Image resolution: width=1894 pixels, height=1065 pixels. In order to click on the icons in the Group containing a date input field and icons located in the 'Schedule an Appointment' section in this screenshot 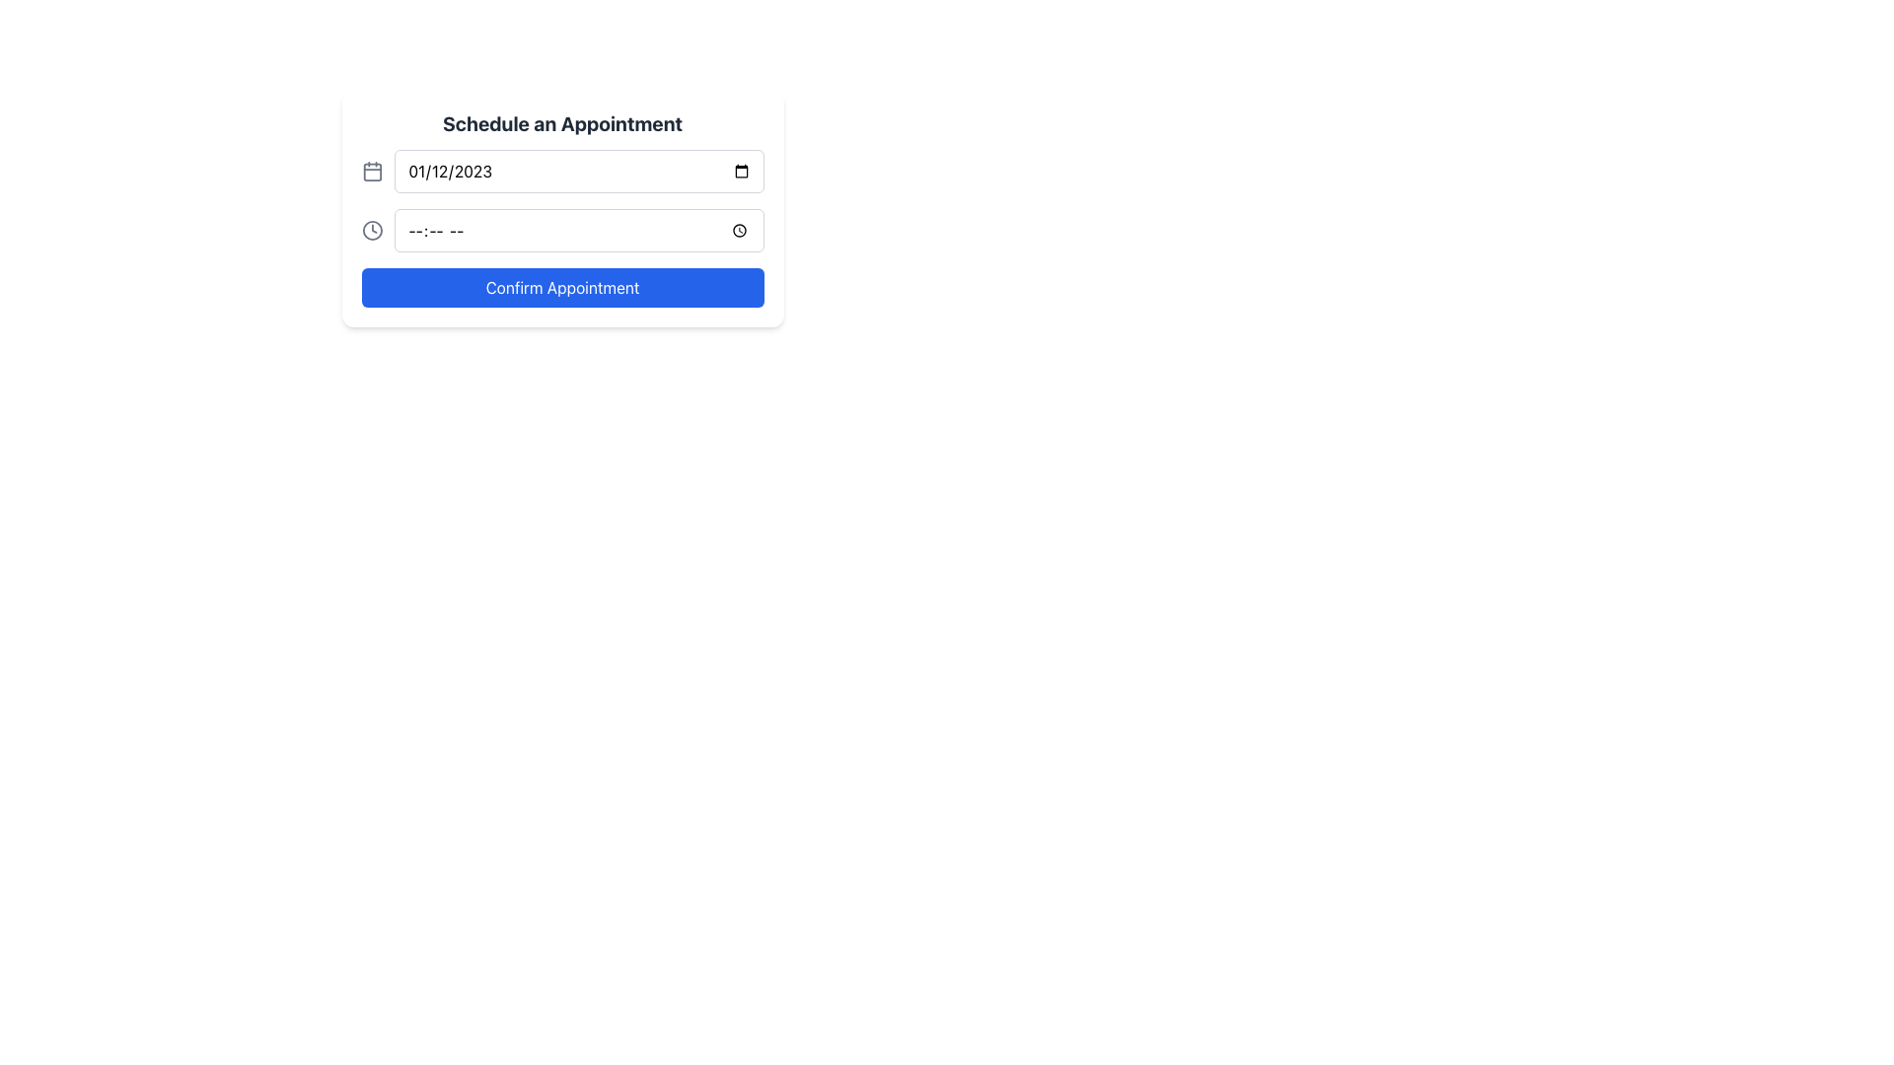, I will do `click(561, 170)`.